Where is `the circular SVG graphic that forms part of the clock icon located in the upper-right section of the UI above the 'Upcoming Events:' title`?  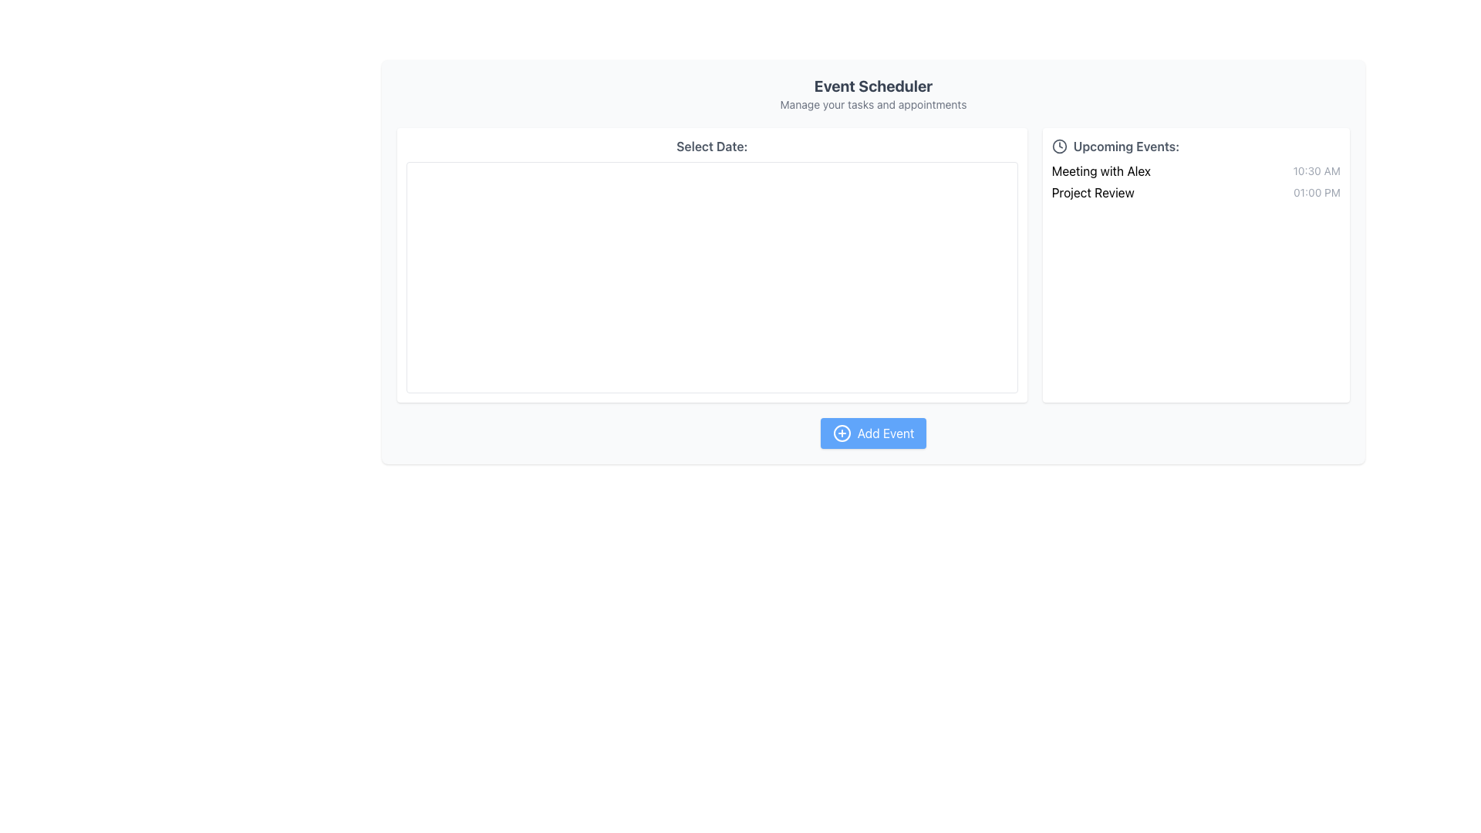
the circular SVG graphic that forms part of the clock icon located in the upper-right section of the UI above the 'Upcoming Events:' title is located at coordinates (1058, 146).